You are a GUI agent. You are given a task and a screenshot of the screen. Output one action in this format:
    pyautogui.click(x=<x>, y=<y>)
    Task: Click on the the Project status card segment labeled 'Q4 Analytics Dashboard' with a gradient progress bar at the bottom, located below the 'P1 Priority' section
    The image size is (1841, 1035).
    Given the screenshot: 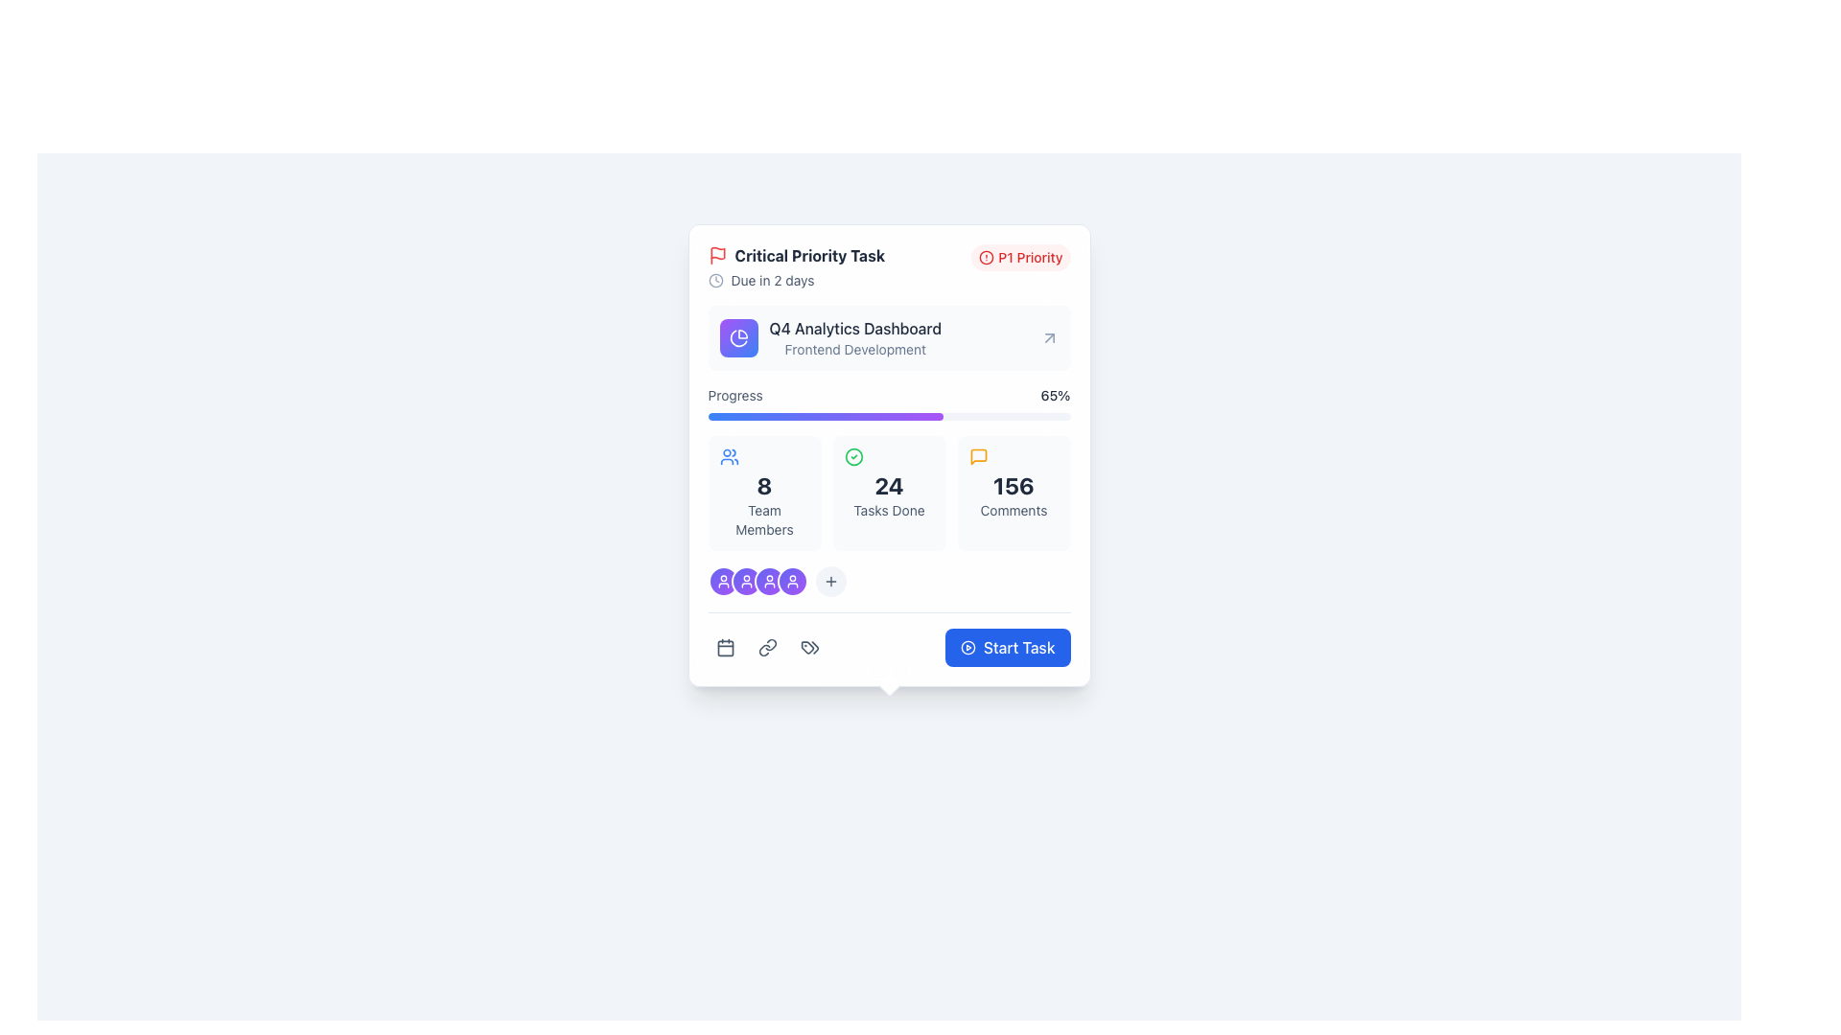 What is the action you would take?
    pyautogui.click(x=888, y=362)
    